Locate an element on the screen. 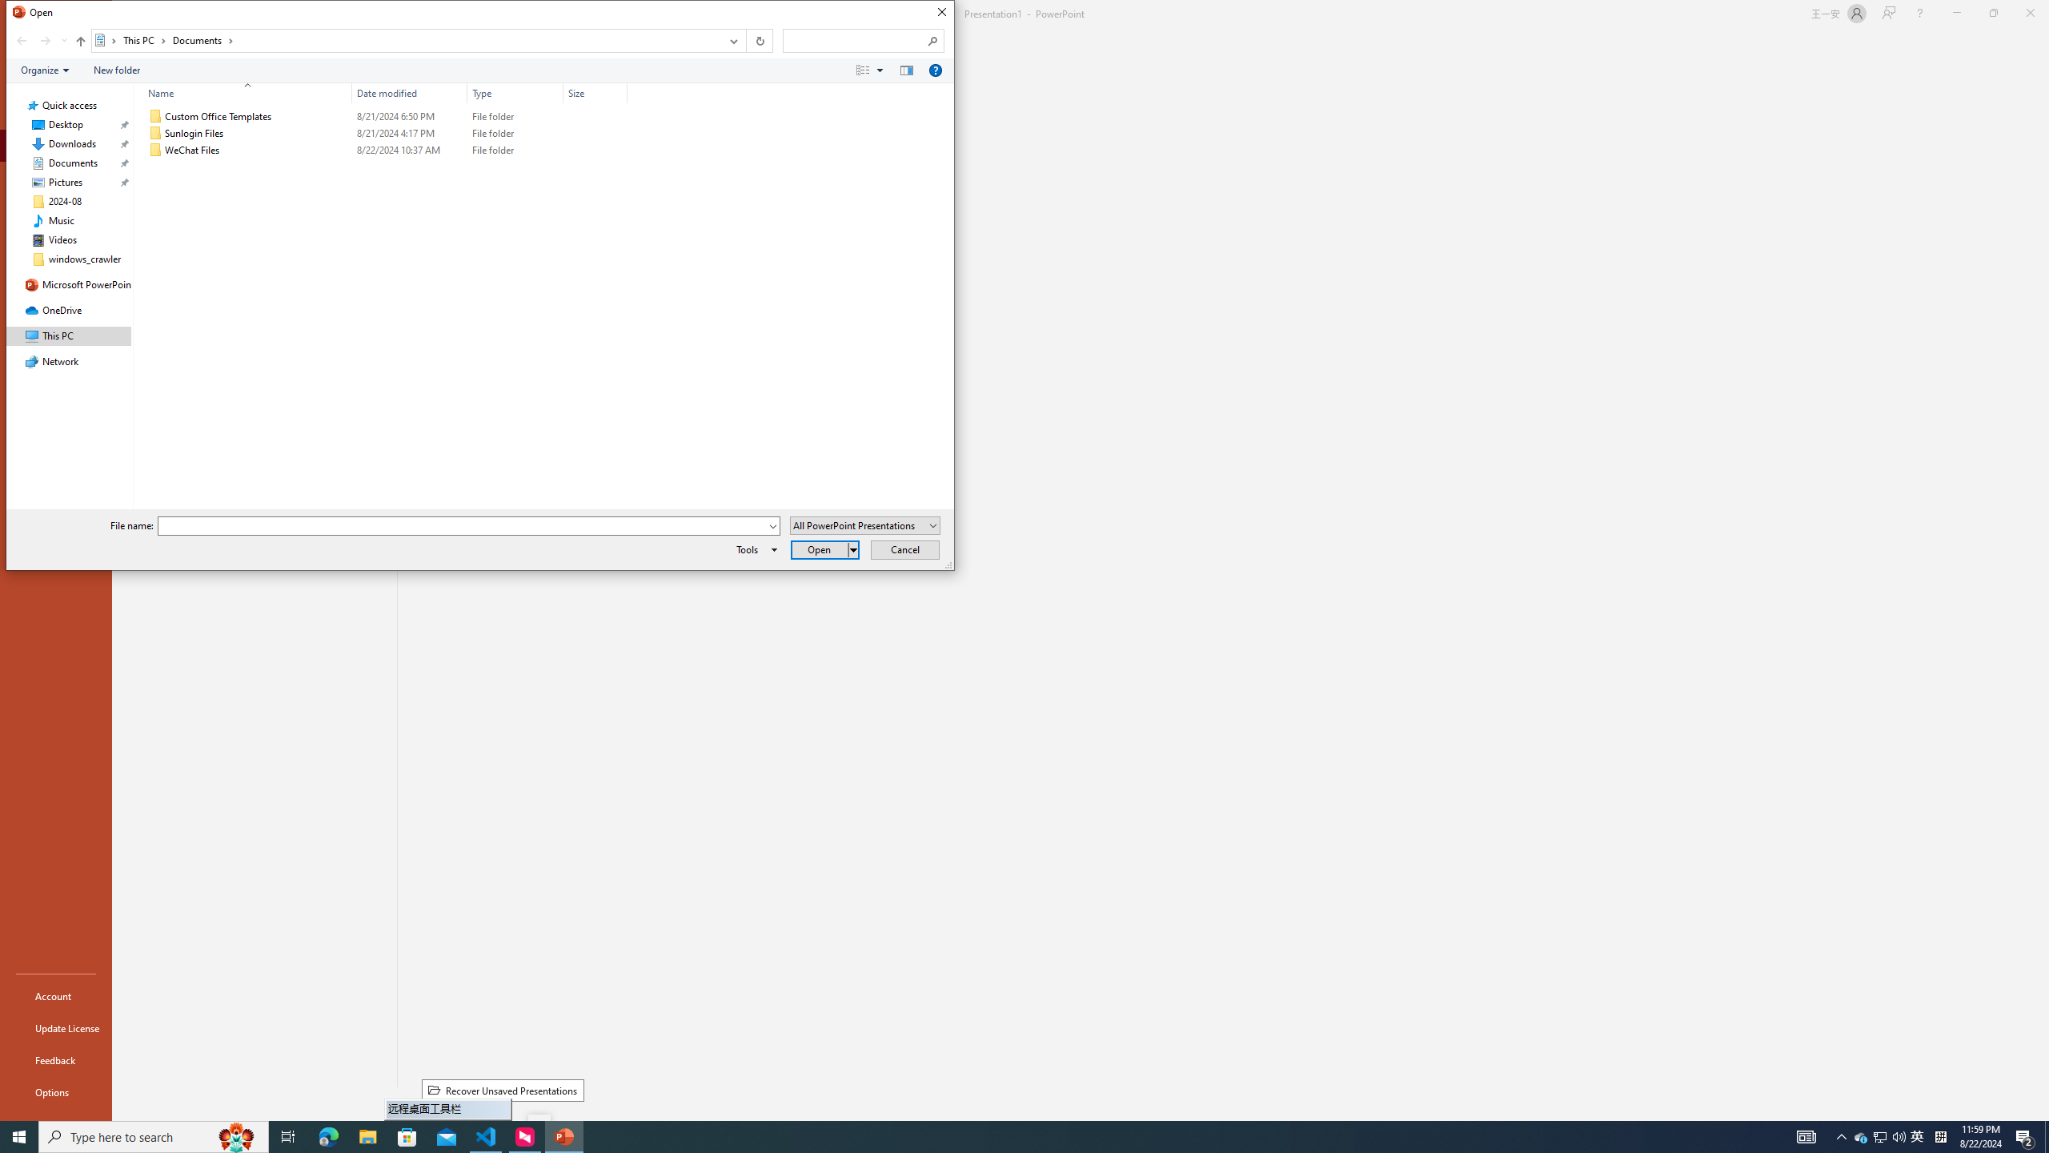 This screenshot has width=2049, height=1153. 'Refresh "Documents" (F5)' is located at coordinates (758, 40).